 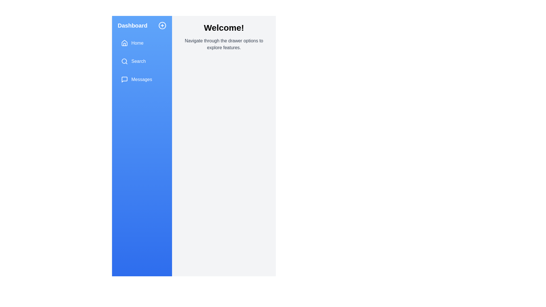 What do you see at coordinates (132, 25) in the screenshot?
I see `the drawer's title text to interact with it` at bounding box center [132, 25].